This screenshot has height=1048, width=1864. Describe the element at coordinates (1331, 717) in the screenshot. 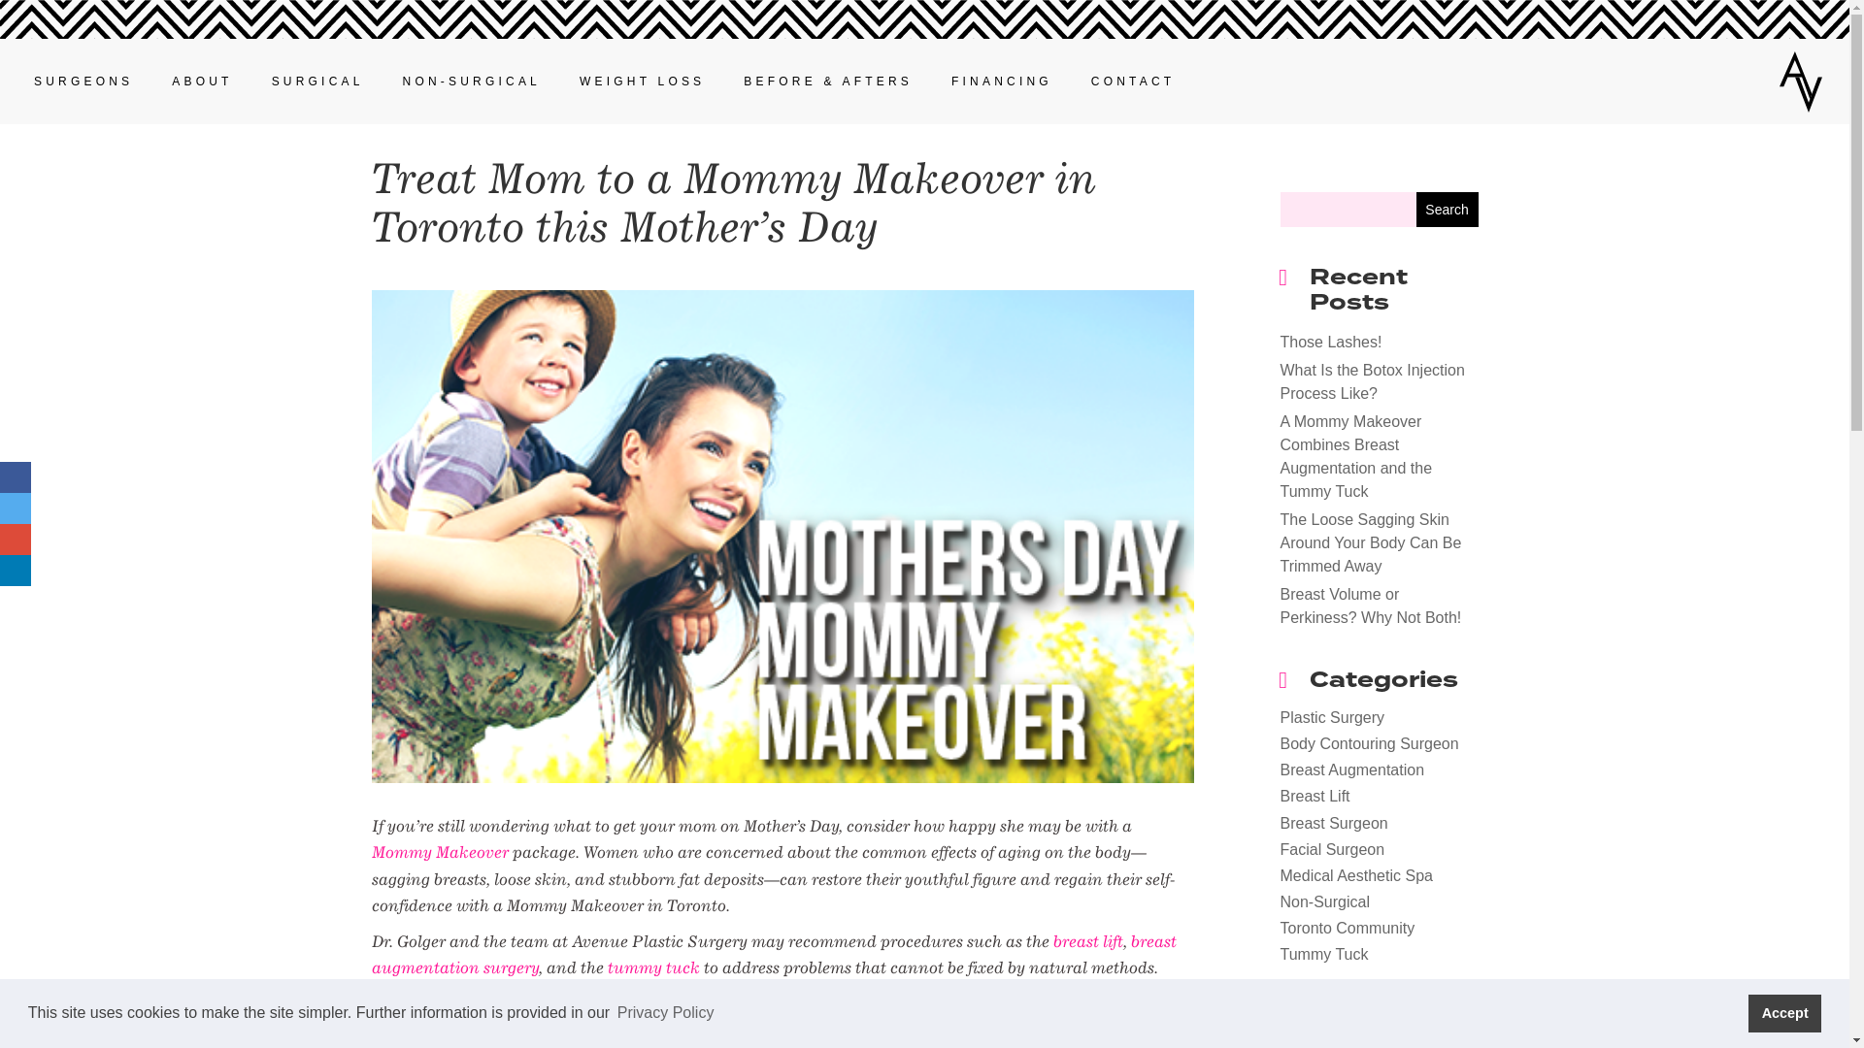

I see `'Plastic Surgery'` at that location.